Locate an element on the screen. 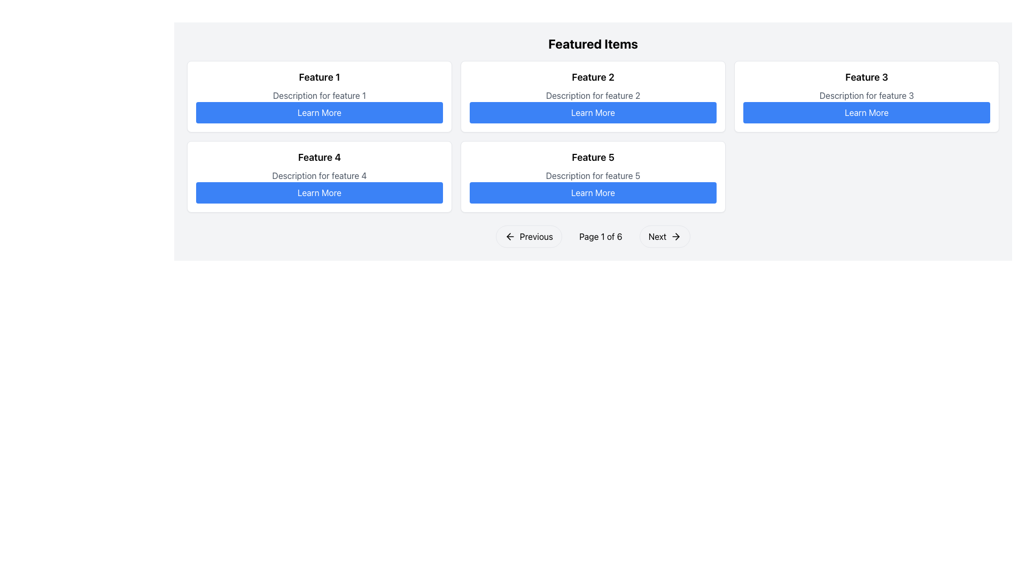 The width and height of the screenshot is (1026, 577). the button that navigates to the previous page in the pagination controls to visualize hover effects is located at coordinates (528, 236).